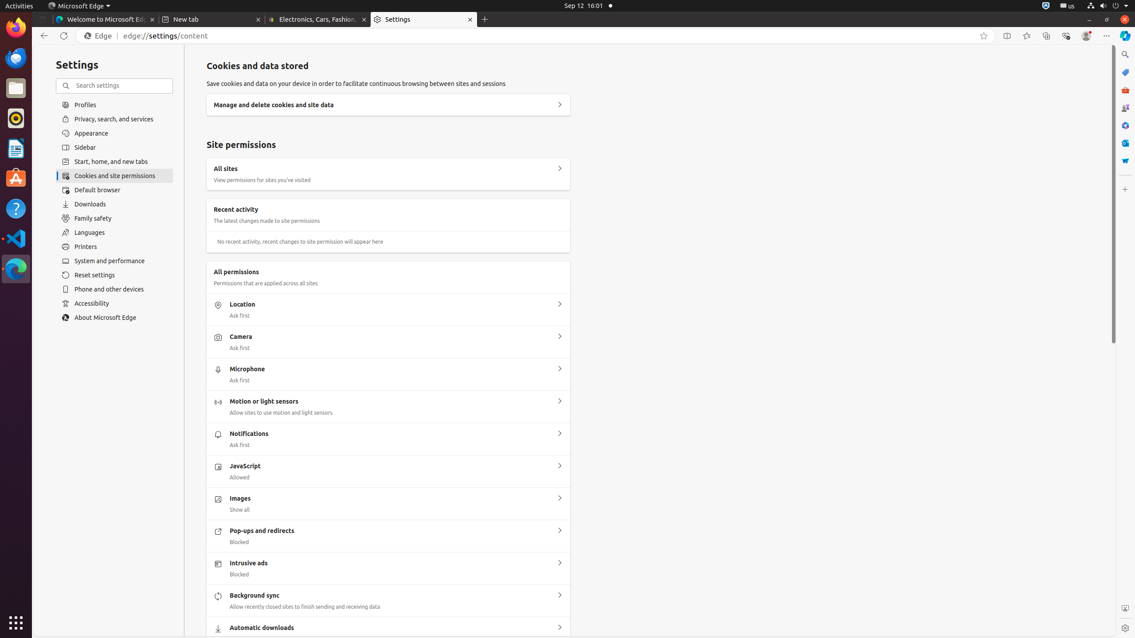 The height and width of the screenshot is (638, 1135). What do you see at coordinates (318, 19) in the screenshot?
I see `'Electronics, Cars, Fashion, Collectibles & More | eBay'` at bounding box center [318, 19].